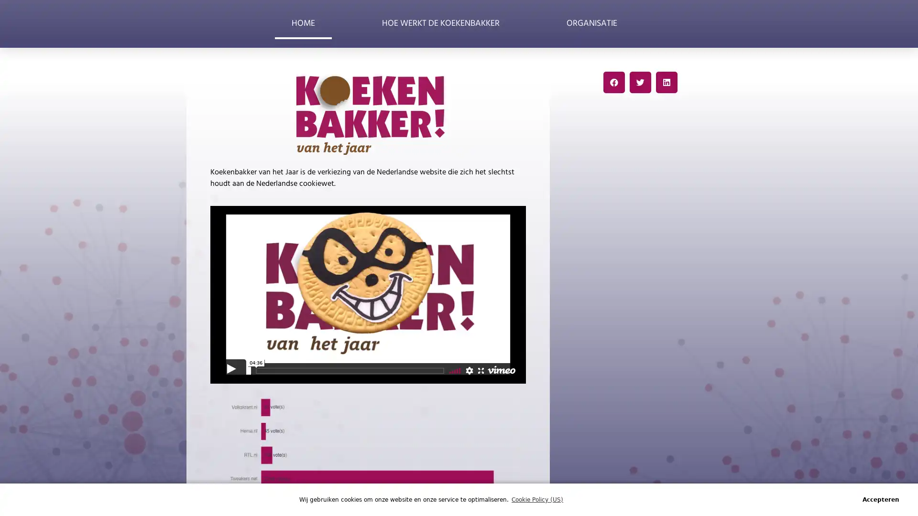 The image size is (918, 516). I want to click on dismiss cookie message, so click(880, 499).